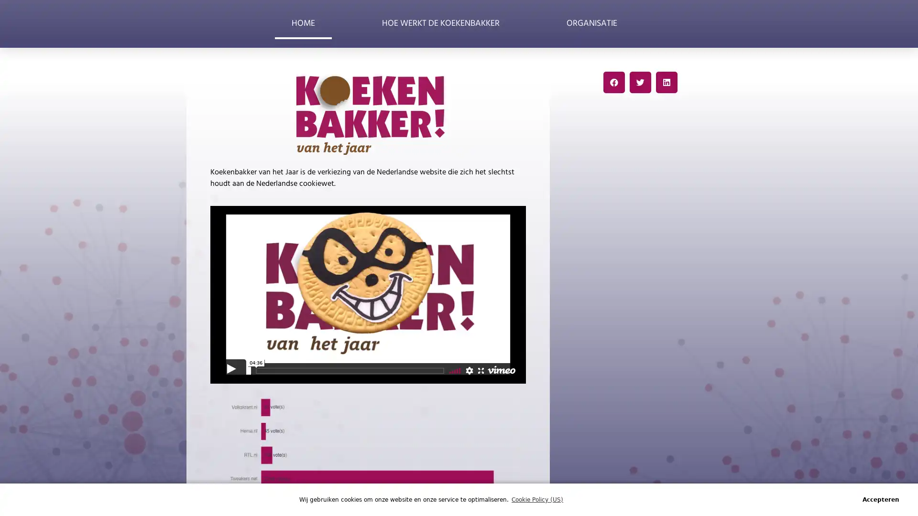 The image size is (918, 516). I want to click on dismiss cookie message, so click(880, 499).